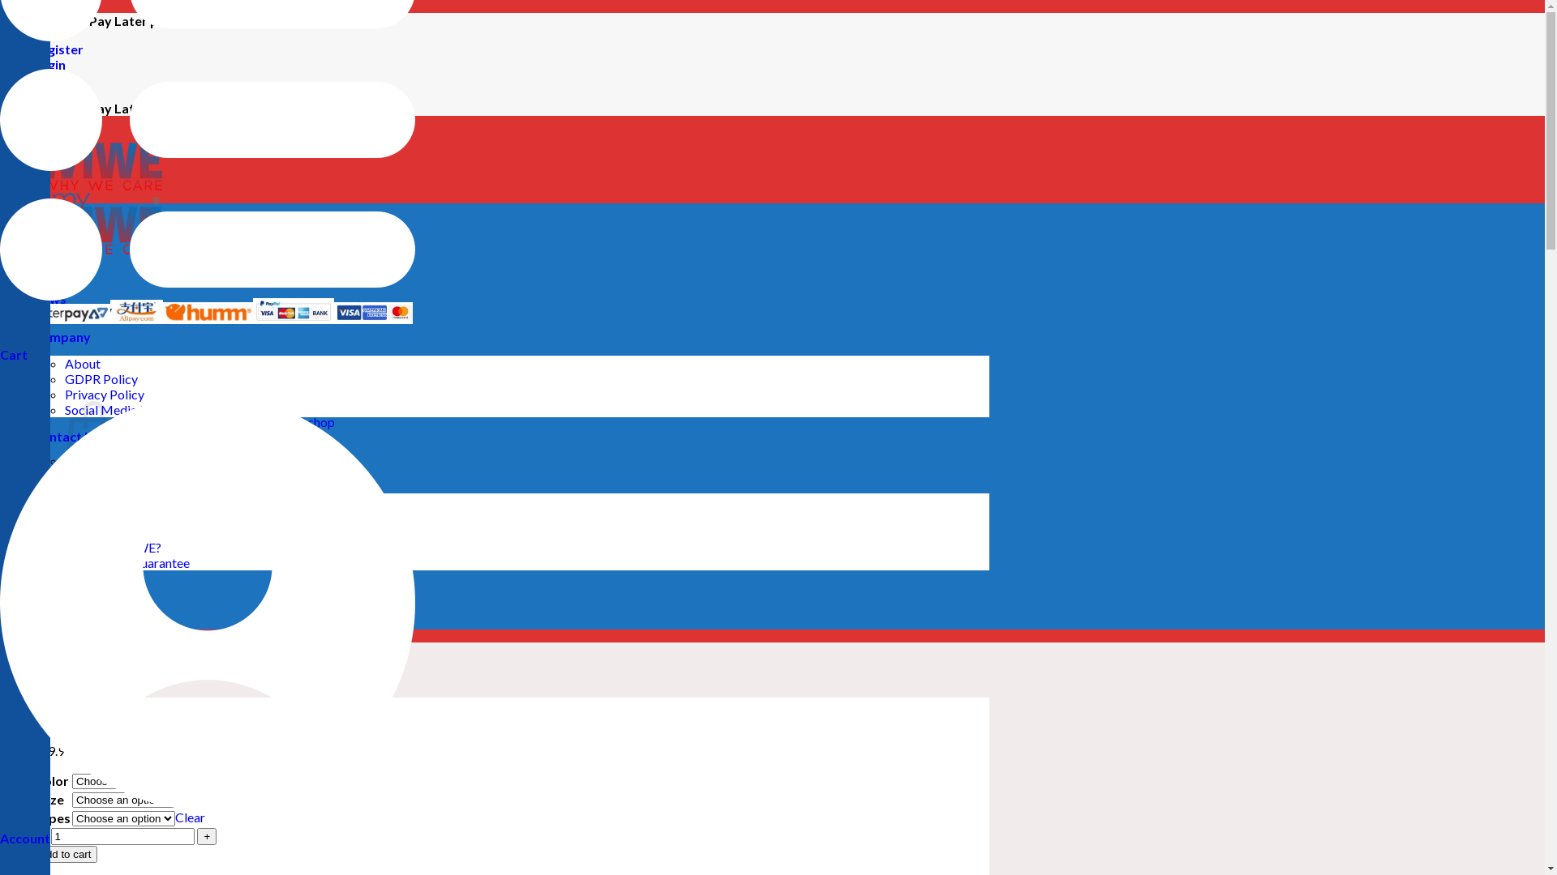  Describe the element at coordinates (65, 362) in the screenshot. I see `'About'` at that location.